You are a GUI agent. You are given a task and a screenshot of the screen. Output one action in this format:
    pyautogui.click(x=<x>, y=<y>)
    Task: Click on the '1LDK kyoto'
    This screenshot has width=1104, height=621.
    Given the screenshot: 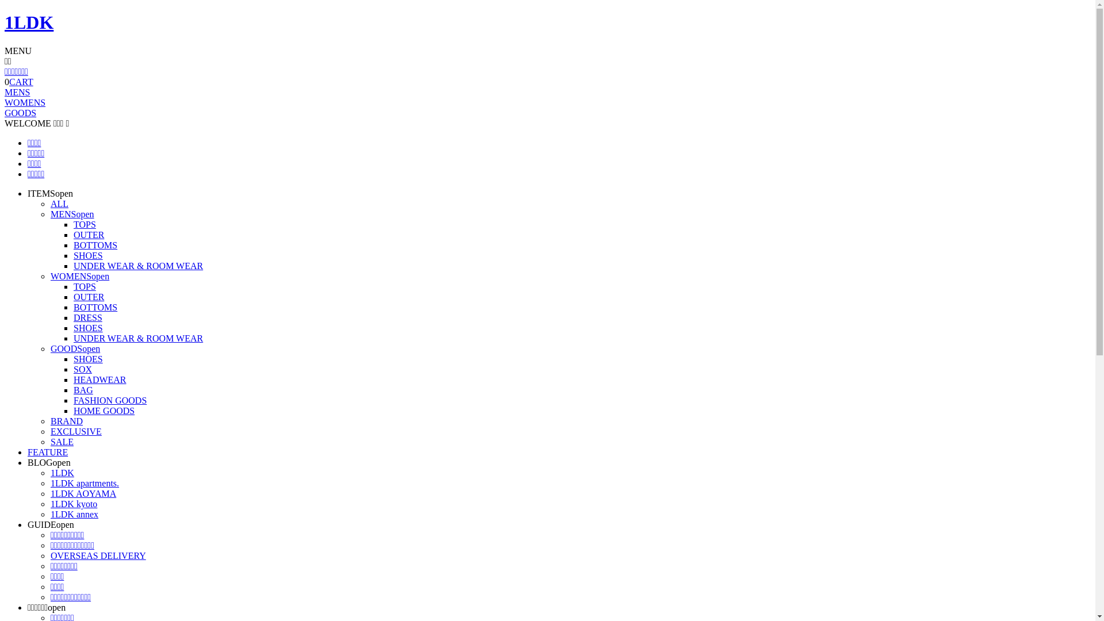 What is the action you would take?
    pyautogui.click(x=73, y=503)
    